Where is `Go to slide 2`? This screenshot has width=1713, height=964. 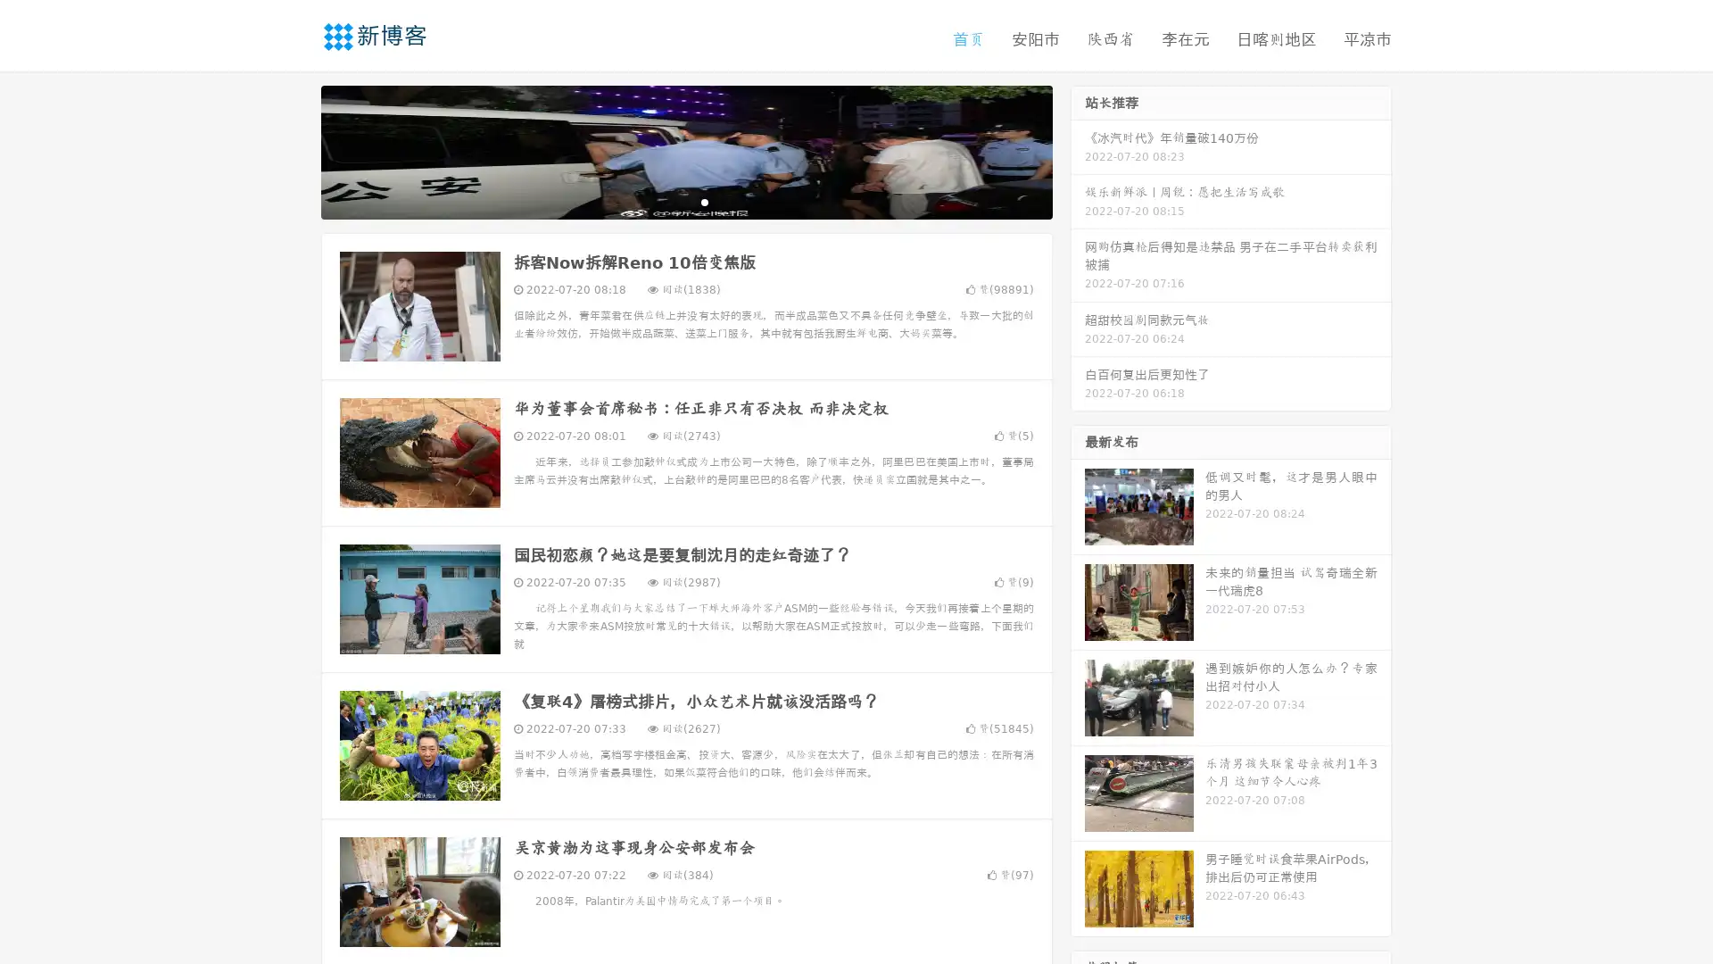 Go to slide 2 is located at coordinates (685, 201).